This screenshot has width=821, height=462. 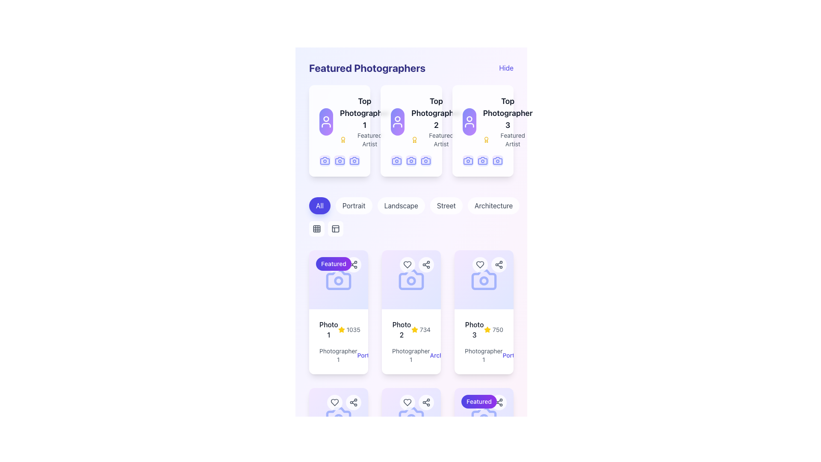 I want to click on the decorative photography icon located in the second card of the photographer row, positioned below the title and avatar, aligned with the icon group, so click(x=396, y=161).